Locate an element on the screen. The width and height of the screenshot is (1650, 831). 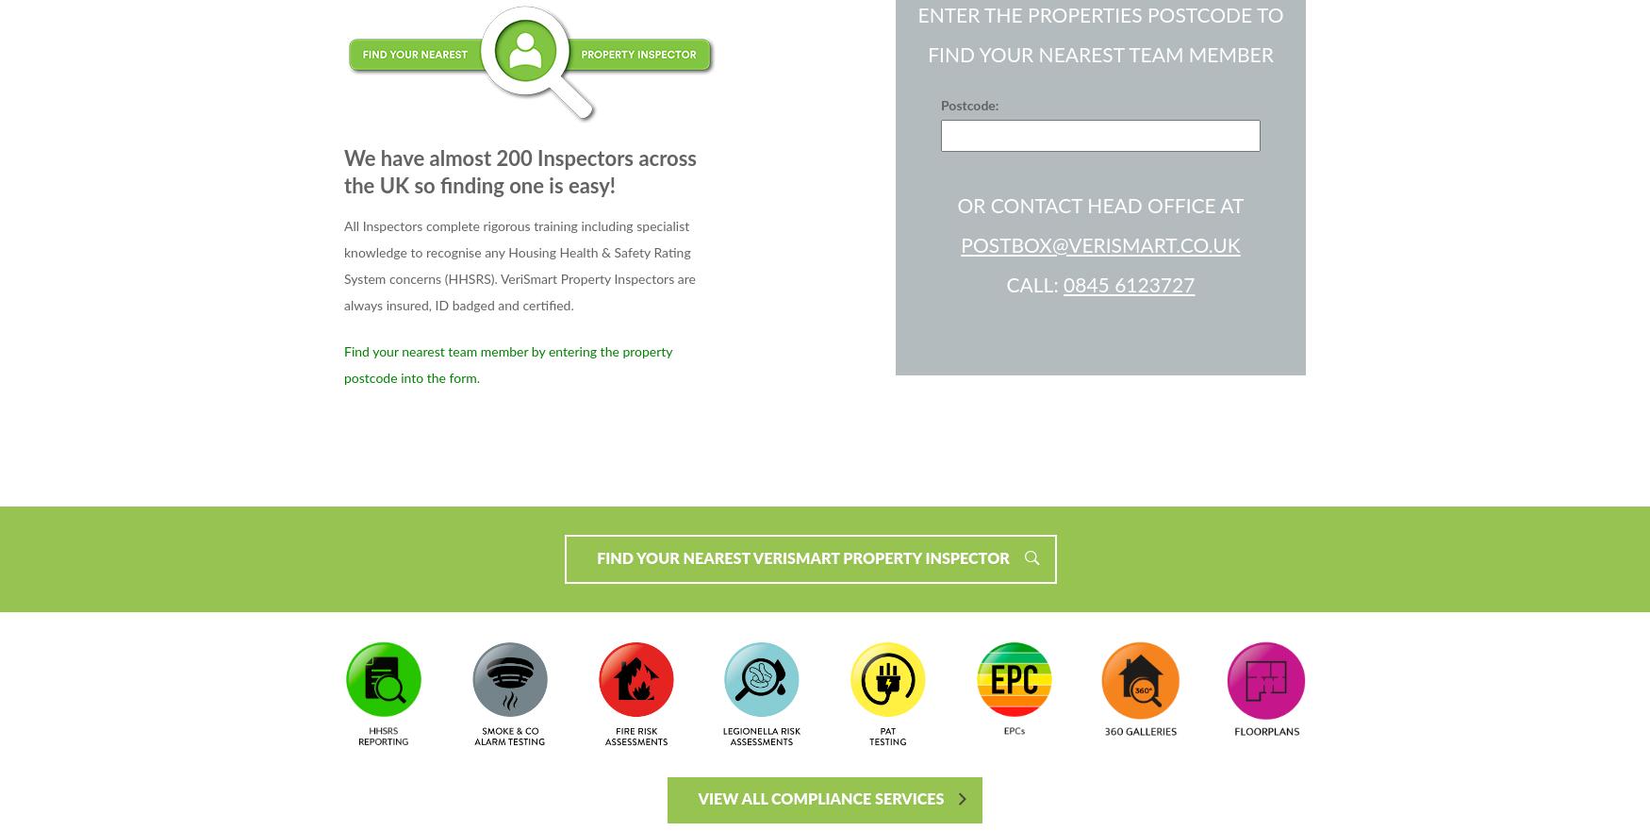
'0845 6123727' is located at coordinates (1129, 284).